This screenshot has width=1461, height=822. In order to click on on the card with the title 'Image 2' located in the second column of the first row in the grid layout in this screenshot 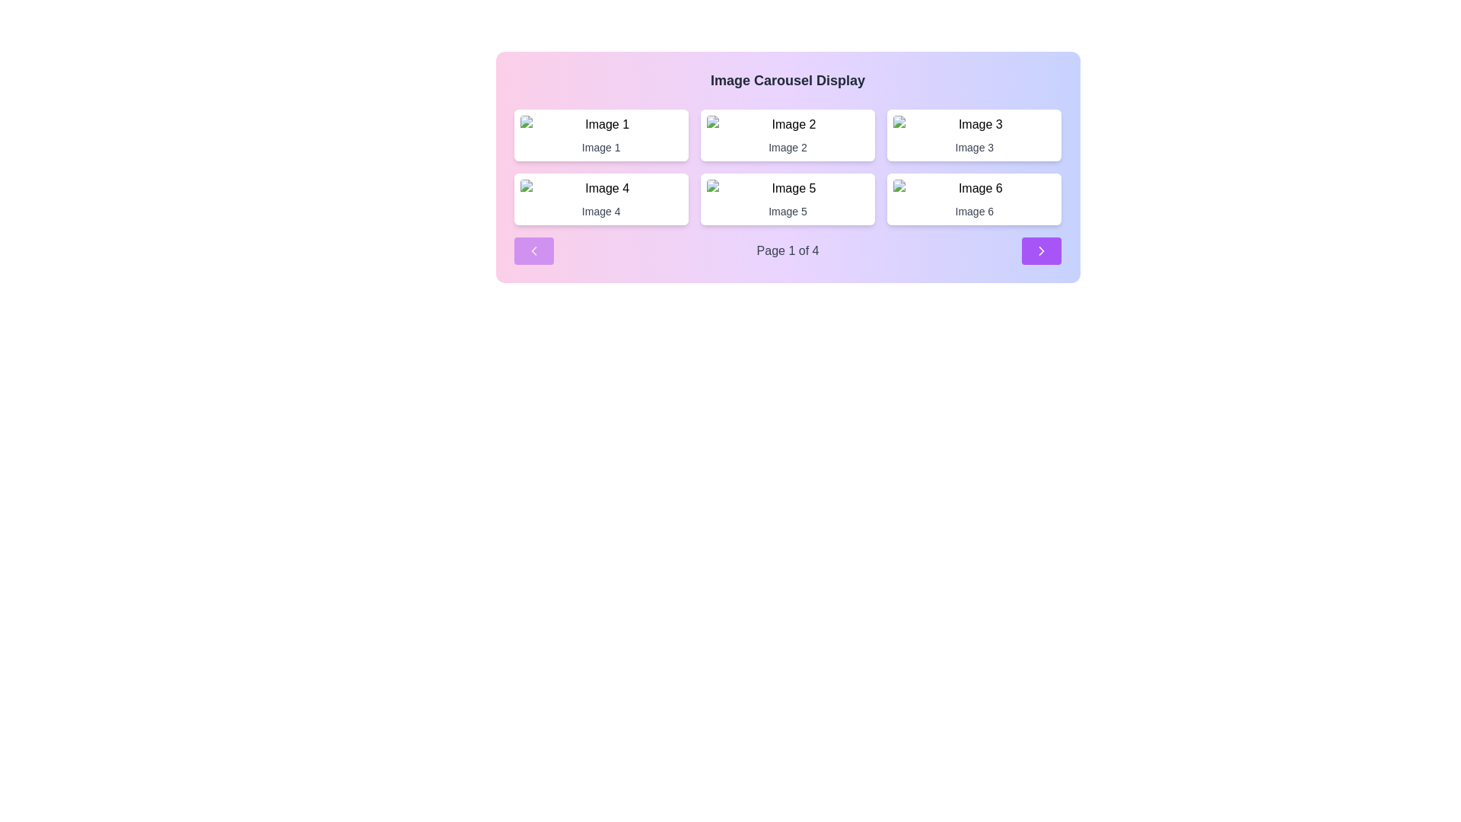, I will do `click(788, 134)`.